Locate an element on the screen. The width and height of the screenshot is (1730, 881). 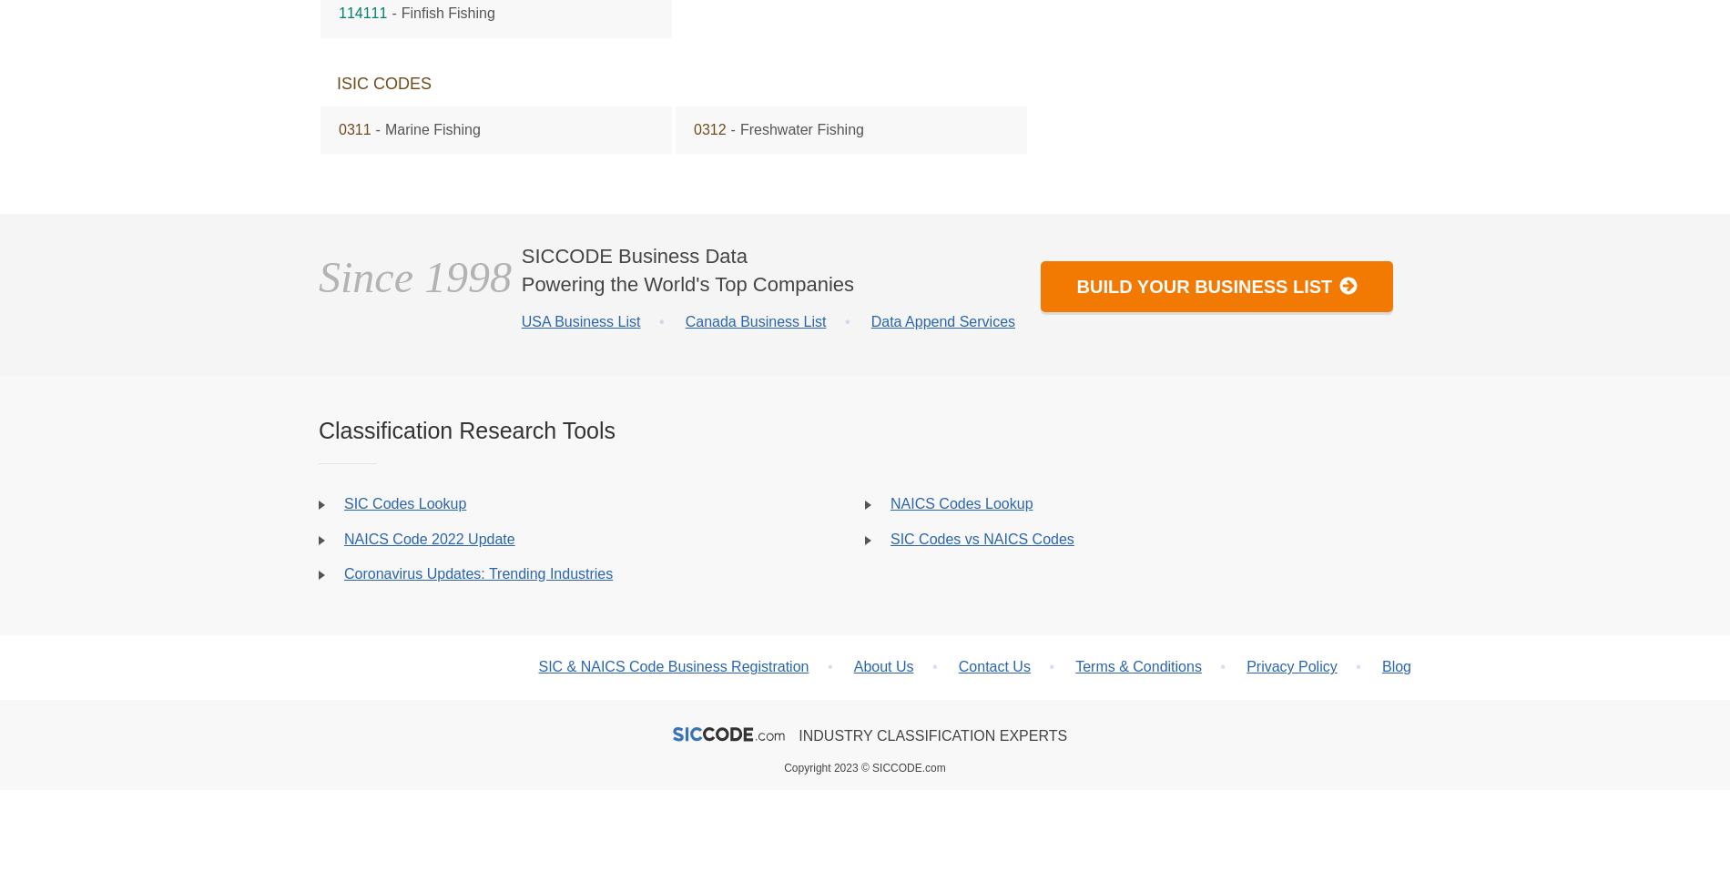
'Canada Business List' is located at coordinates (754, 320).